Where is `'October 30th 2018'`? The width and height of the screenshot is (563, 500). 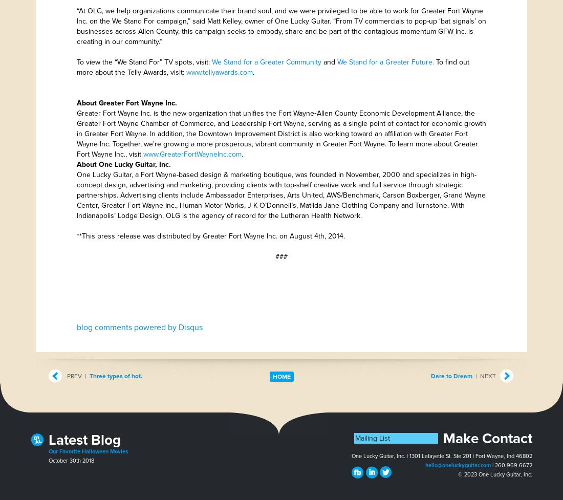 'October 30th 2018' is located at coordinates (71, 460).